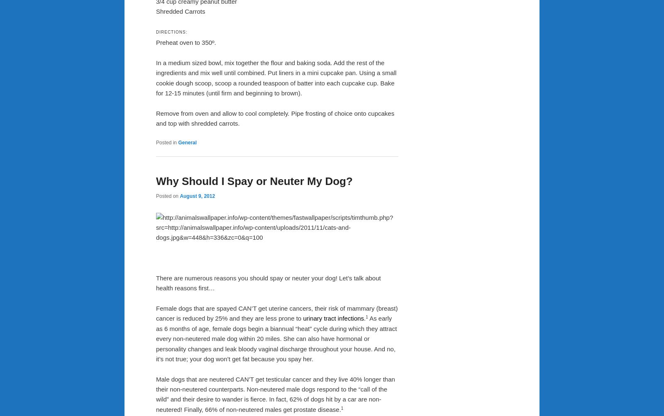 The height and width of the screenshot is (416, 664). What do you see at coordinates (276, 338) in the screenshot?
I see `'As early as 6 months of age, female dogs begin a biannual “heat” cycle during which they attract every non-neutered male dog within 20 miles. She can also have hormonal or personality changes and leak bloody vaginal discharge throughout your house. And no, it’s not true; your dog won’t get fat because you spay her.'` at bounding box center [276, 338].